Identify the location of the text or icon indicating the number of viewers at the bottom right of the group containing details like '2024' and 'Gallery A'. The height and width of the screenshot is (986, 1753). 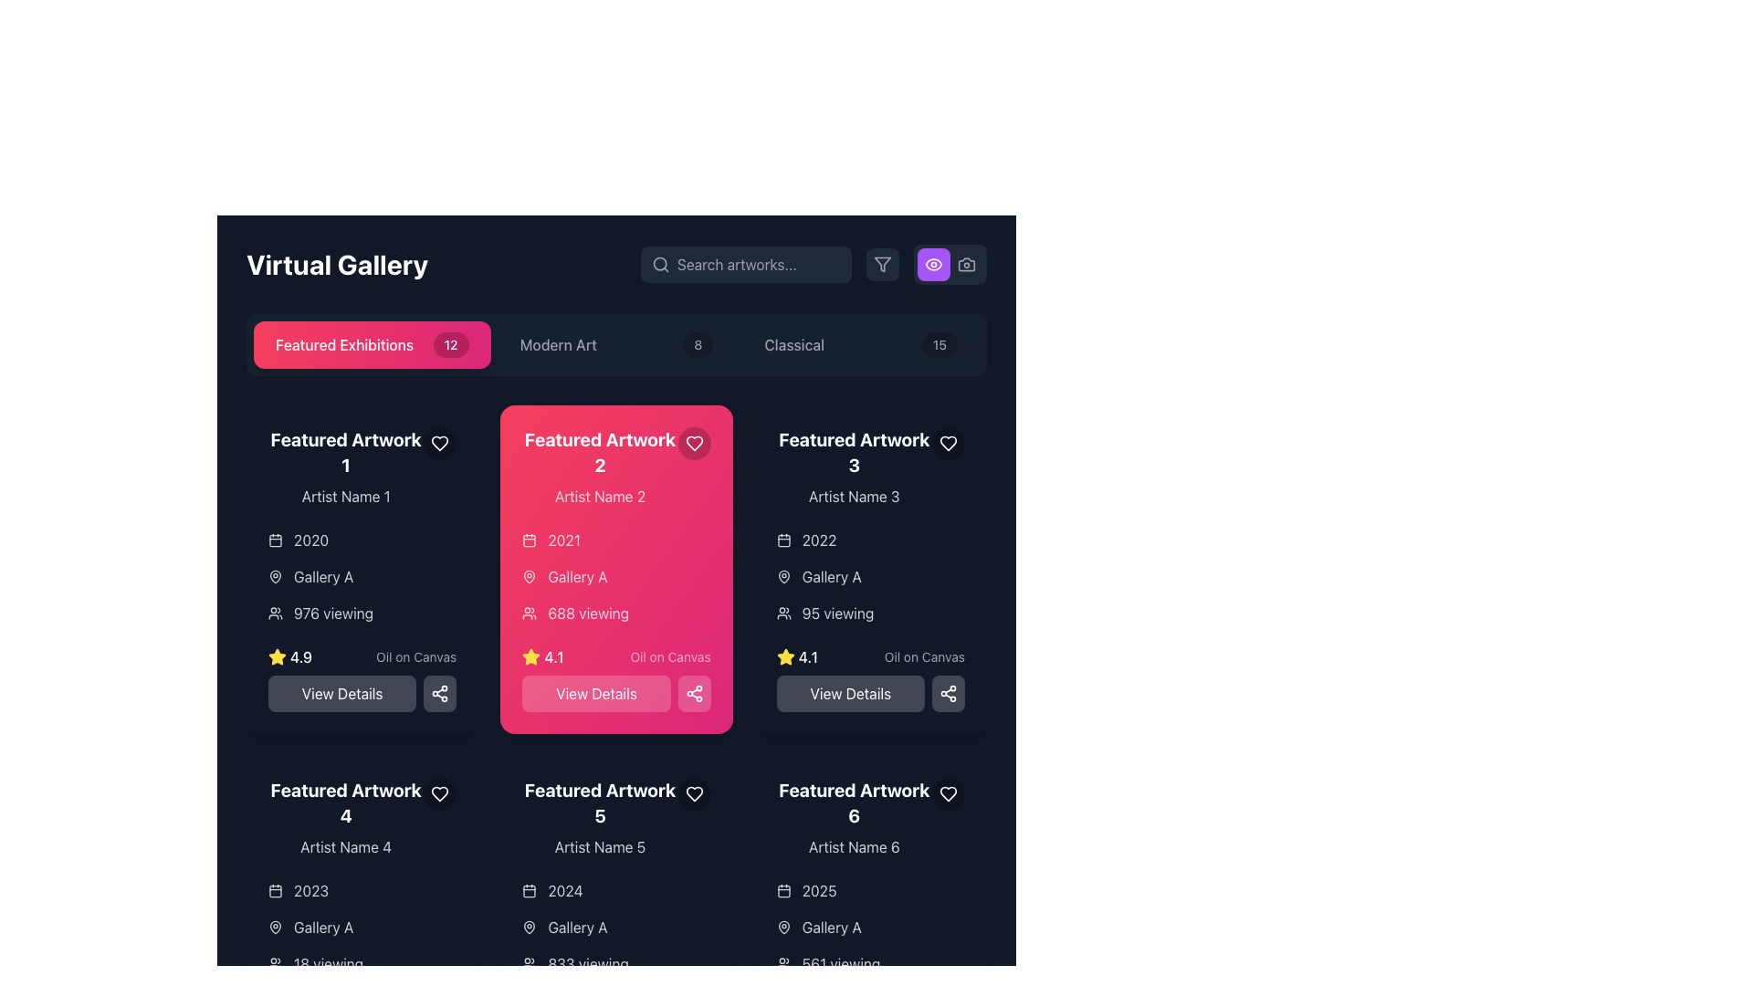
(616, 963).